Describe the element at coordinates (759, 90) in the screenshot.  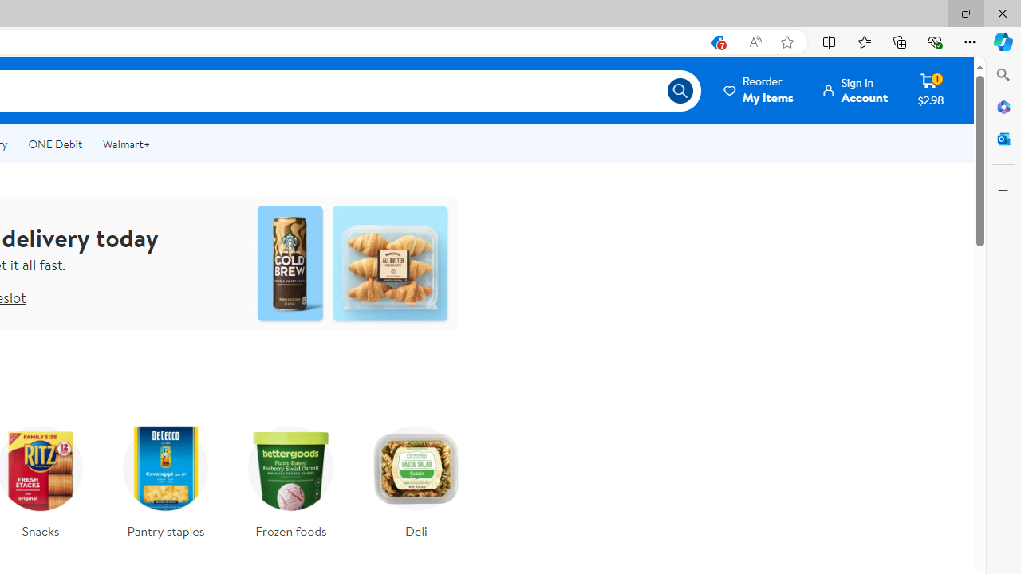
I see `'ReorderMy Items'` at that location.